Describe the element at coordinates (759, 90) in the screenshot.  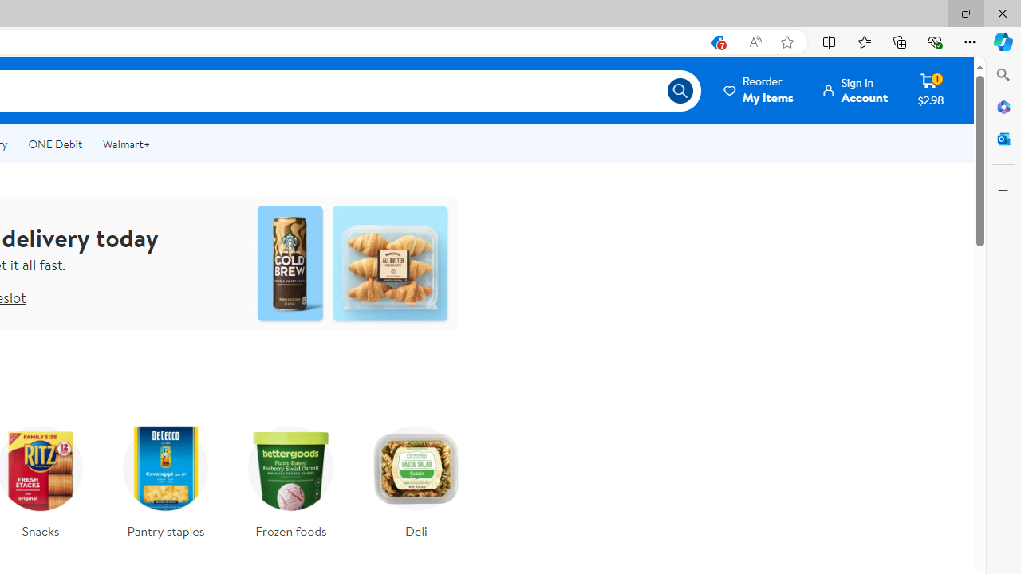
I see `'ReorderMy Items'` at that location.